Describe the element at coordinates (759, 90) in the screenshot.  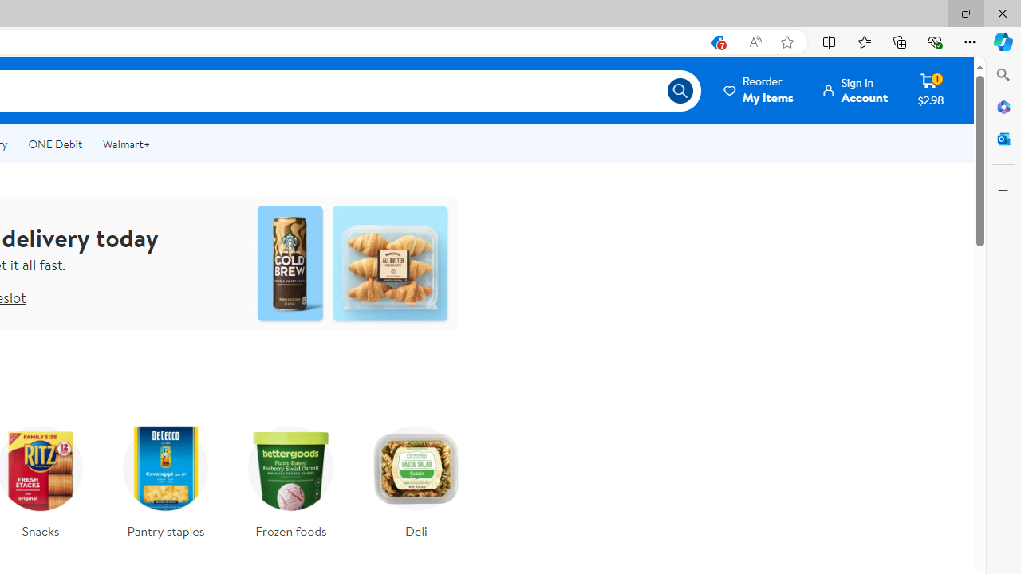
I see `'ReorderMy Items'` at that location.